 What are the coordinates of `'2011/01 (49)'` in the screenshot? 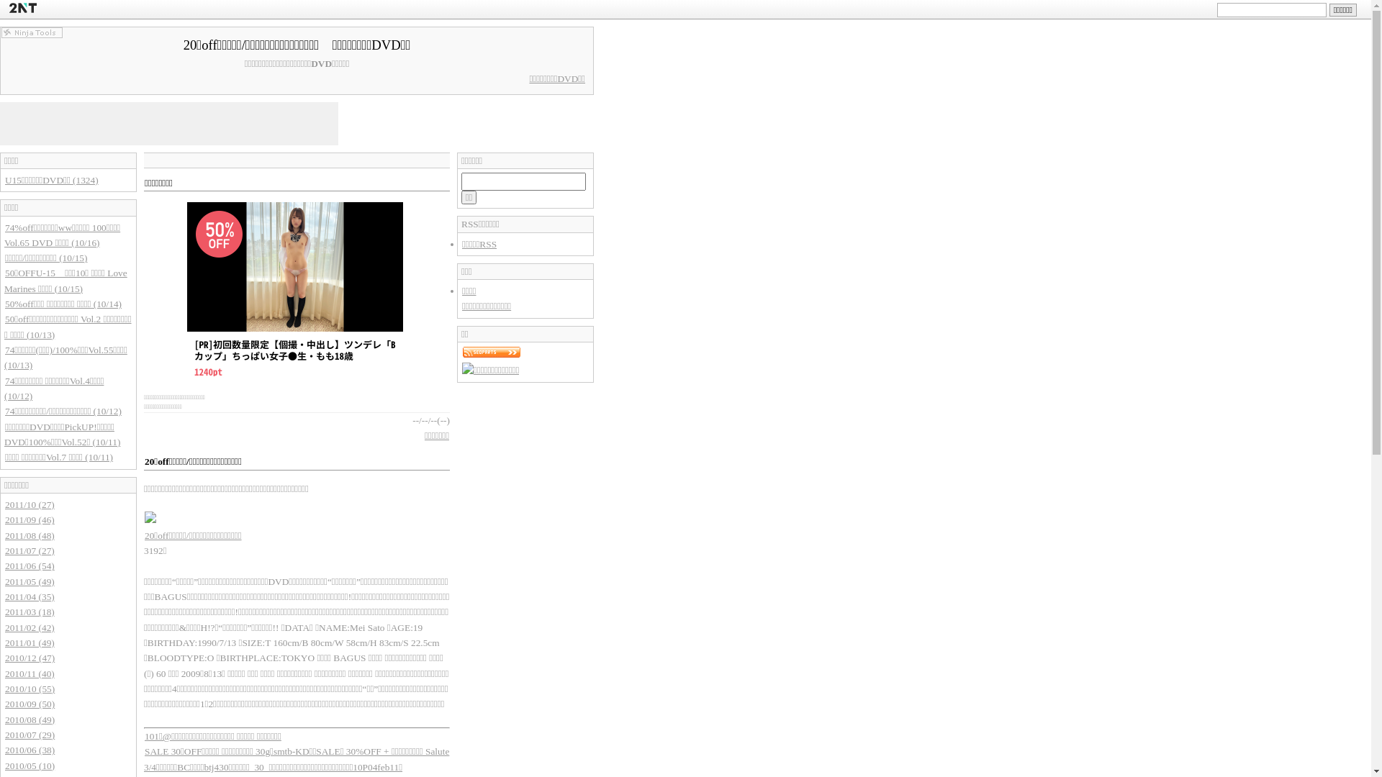 It's located at (30, 642).